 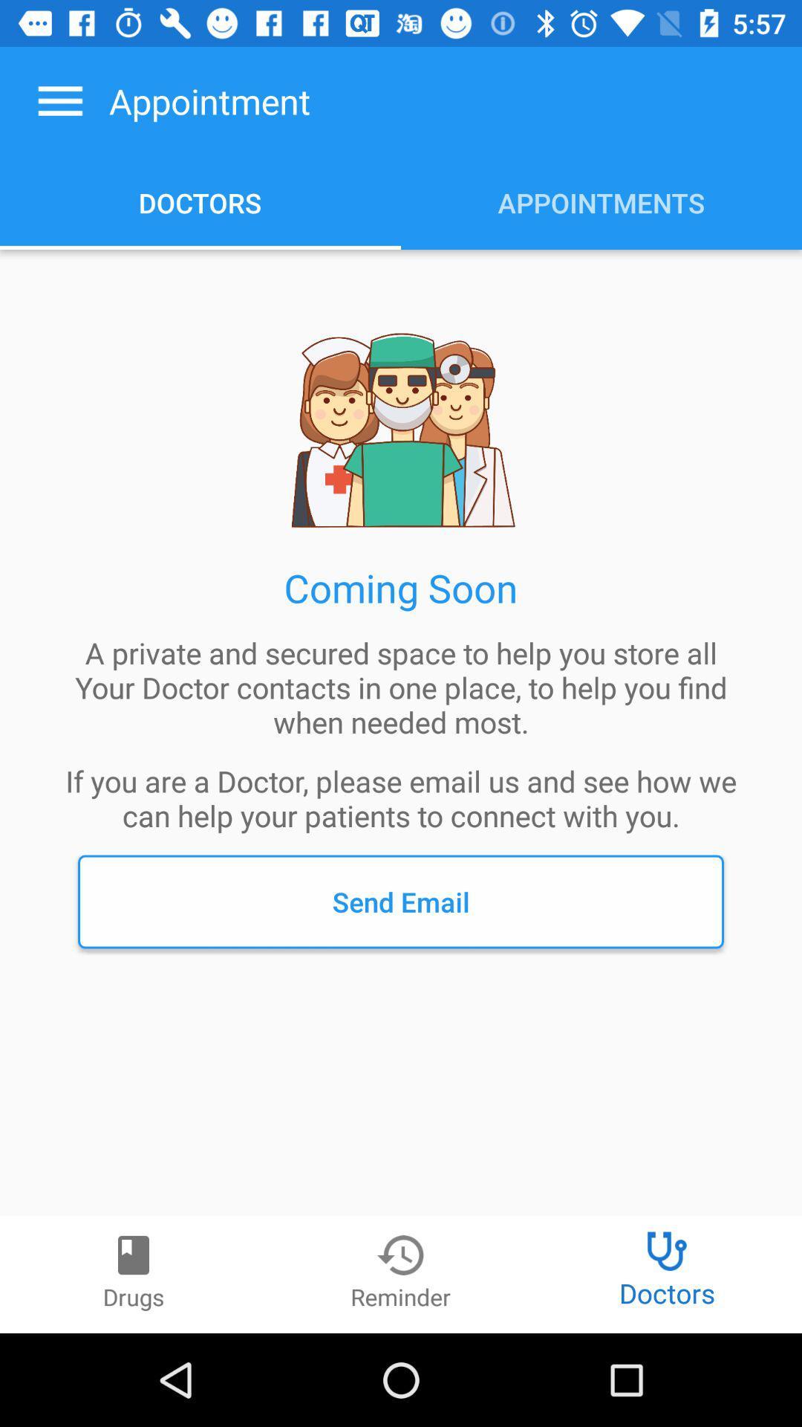 What do you see at coordinates (59, 100) in the screenshot?
I see `the item next to the appointment icon` at bounding box center [59, 100].